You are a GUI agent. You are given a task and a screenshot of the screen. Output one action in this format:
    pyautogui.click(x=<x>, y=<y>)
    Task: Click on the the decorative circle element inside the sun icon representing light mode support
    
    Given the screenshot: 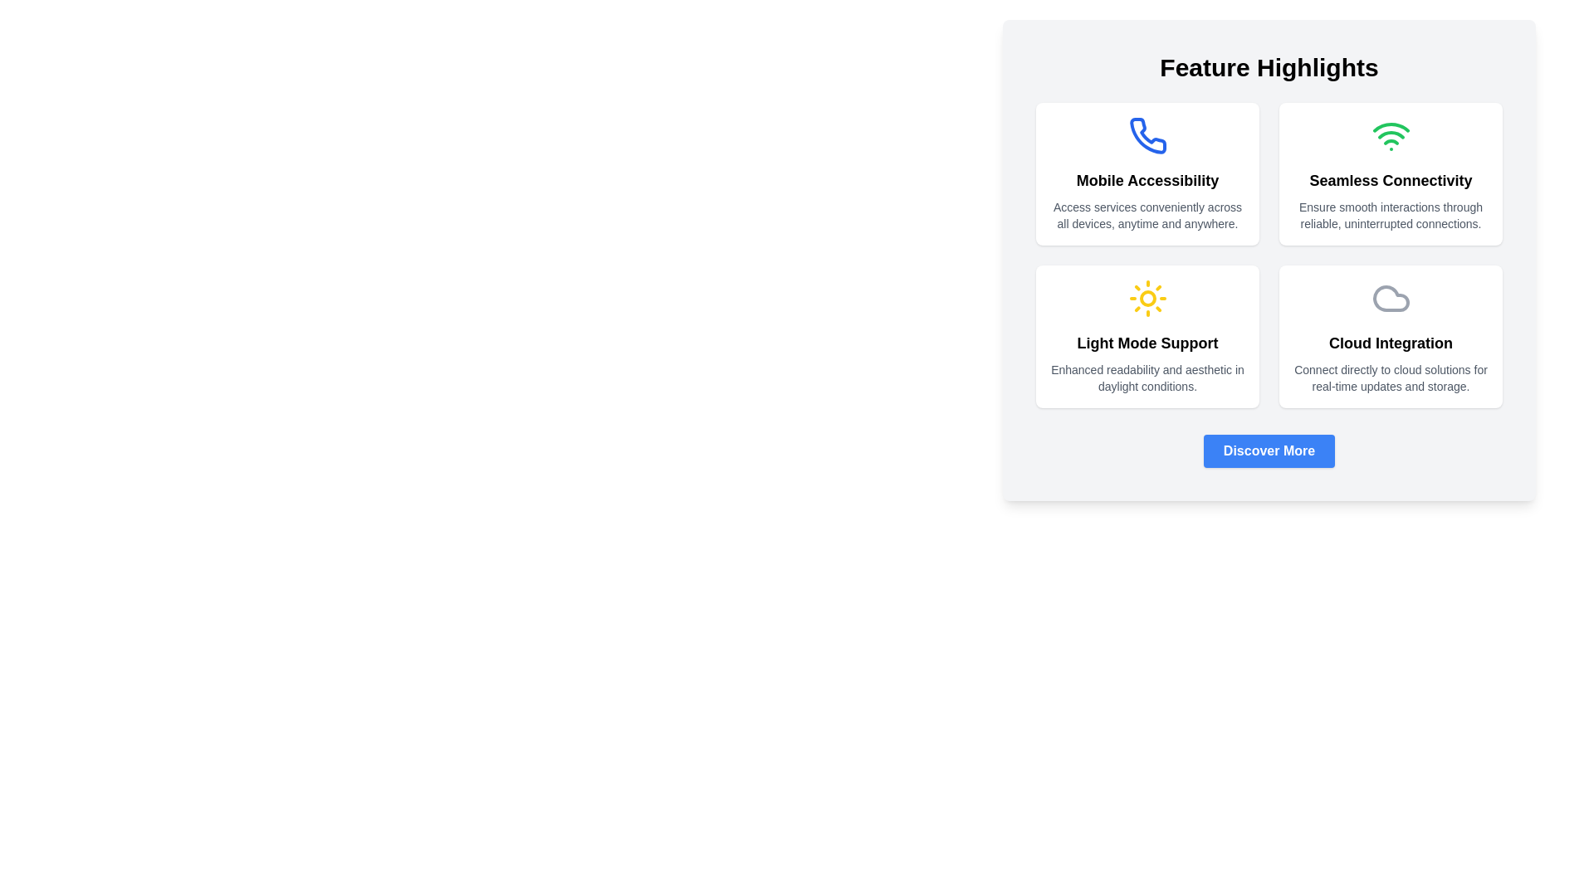 What is the action you would take?
    pyautogui.click(x=1147, y=297)
    